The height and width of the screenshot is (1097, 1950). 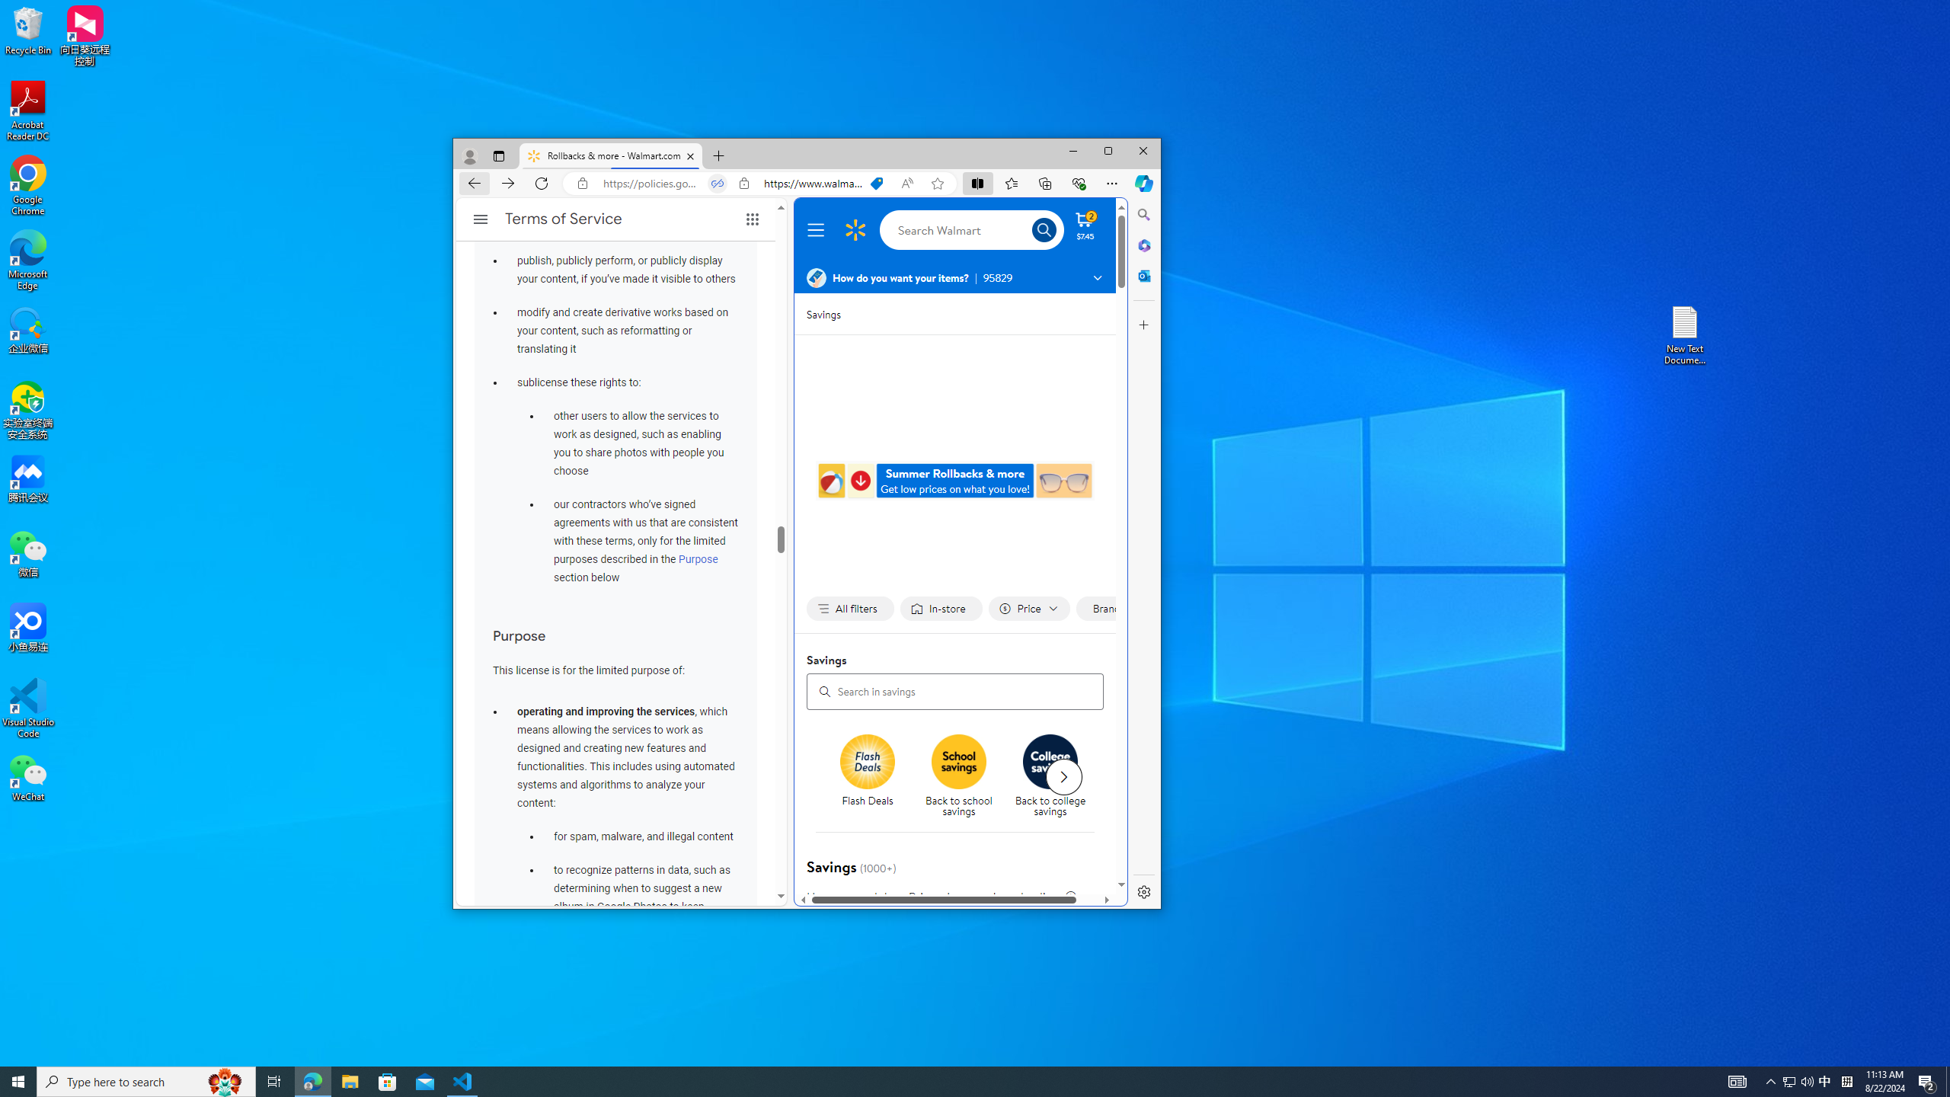 What do you see at coordinates (1108, 151) in the screenshot?
I see `'Maximize'` at bounding box center [1108, 151].